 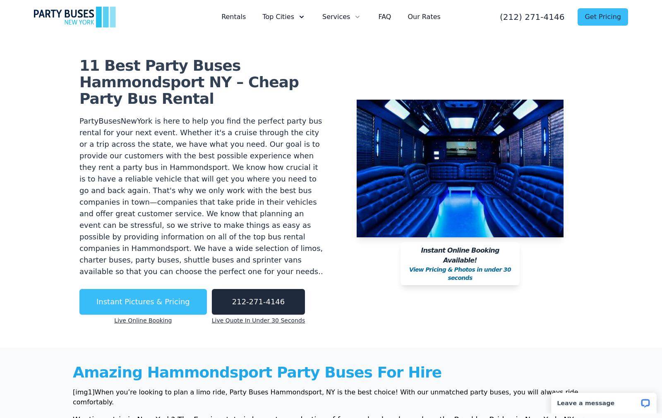 What do you see at coordinates (233, 16) in the screenshot?
I see `'Rentals'` at bounding box center [233, 16].